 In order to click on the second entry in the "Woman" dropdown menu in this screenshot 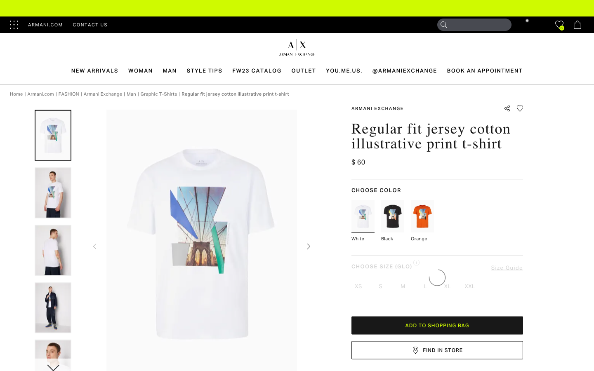, I will do `click(202554, 63626)`.